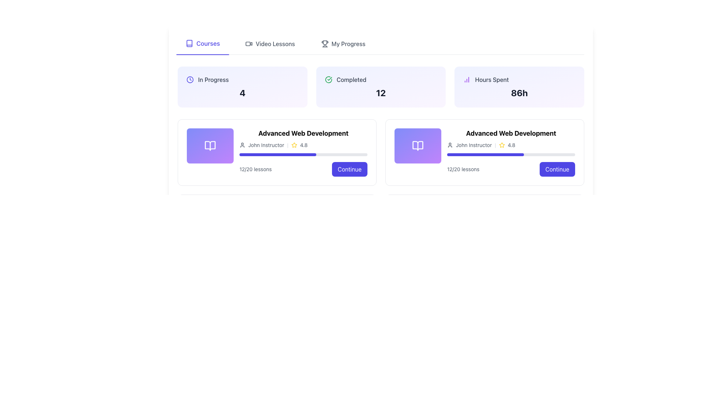 This screenshot has width=702, height=395. Describe the element at coordinates (463, 169) in the screenshot. I see `the progress value displayed as '12/20 lessons' in gray text within the learning card under the 'Advanced Web Development' section` at that location.